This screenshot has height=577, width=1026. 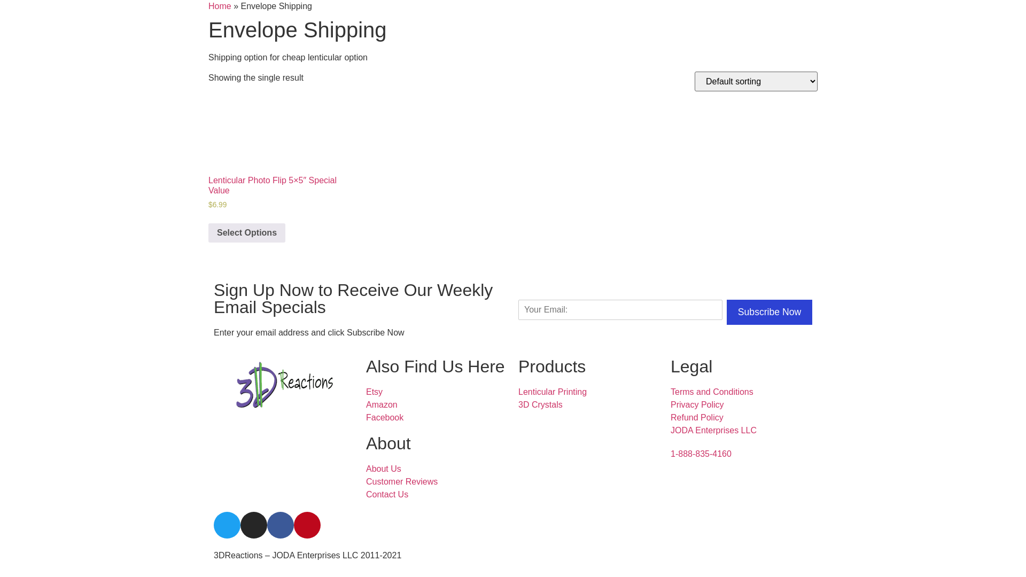 I want to click on 'Privacy Policy', so click(x=741, y=405).